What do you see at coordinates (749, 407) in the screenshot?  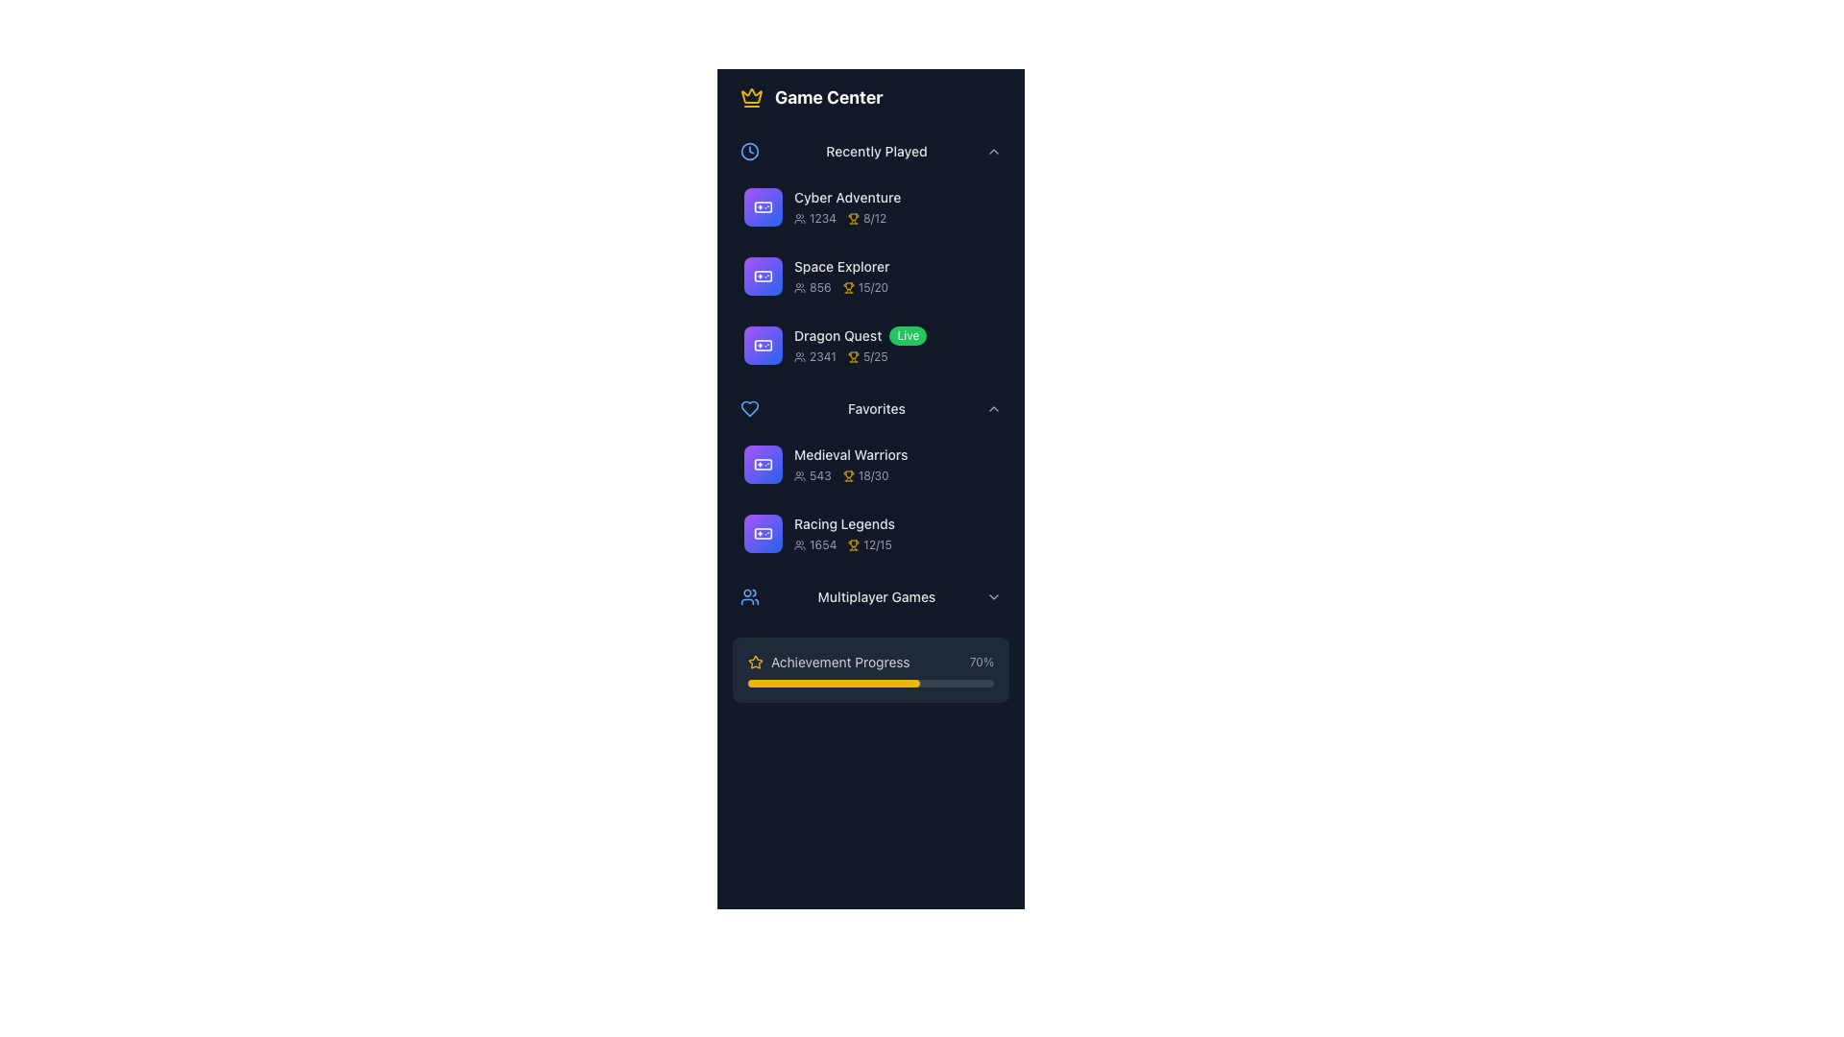 I see `the heart icon with a blue outline located next to the 'Favorites' text label in the Favorites menu` at bounding box center [749, 407].